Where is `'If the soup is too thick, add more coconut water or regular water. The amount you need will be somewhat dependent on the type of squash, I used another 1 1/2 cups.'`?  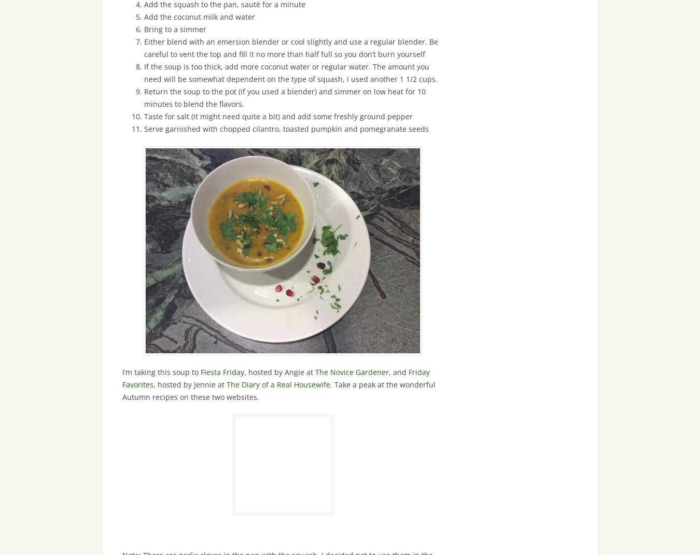
'If the soup is too thick, add more coconut water or regular water. The amount you need will be somewhat dependent on the type of squash, I used another 1 1/2 cups.' is located at coordinates (290, 73).